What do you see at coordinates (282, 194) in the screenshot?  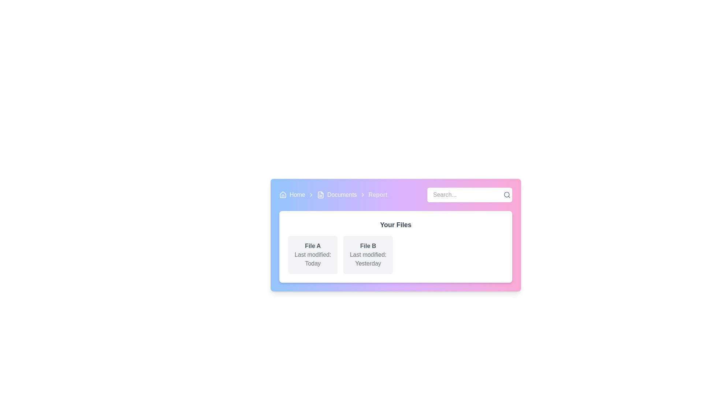 I see `the home icon in the breadcrumb navigation bar` at bounding box center [282, 194].